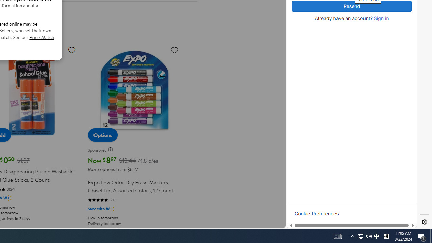 Image resolution: width=432 pixels, height=243 pixels. I want to click on 'Resend', so click(351, 6).